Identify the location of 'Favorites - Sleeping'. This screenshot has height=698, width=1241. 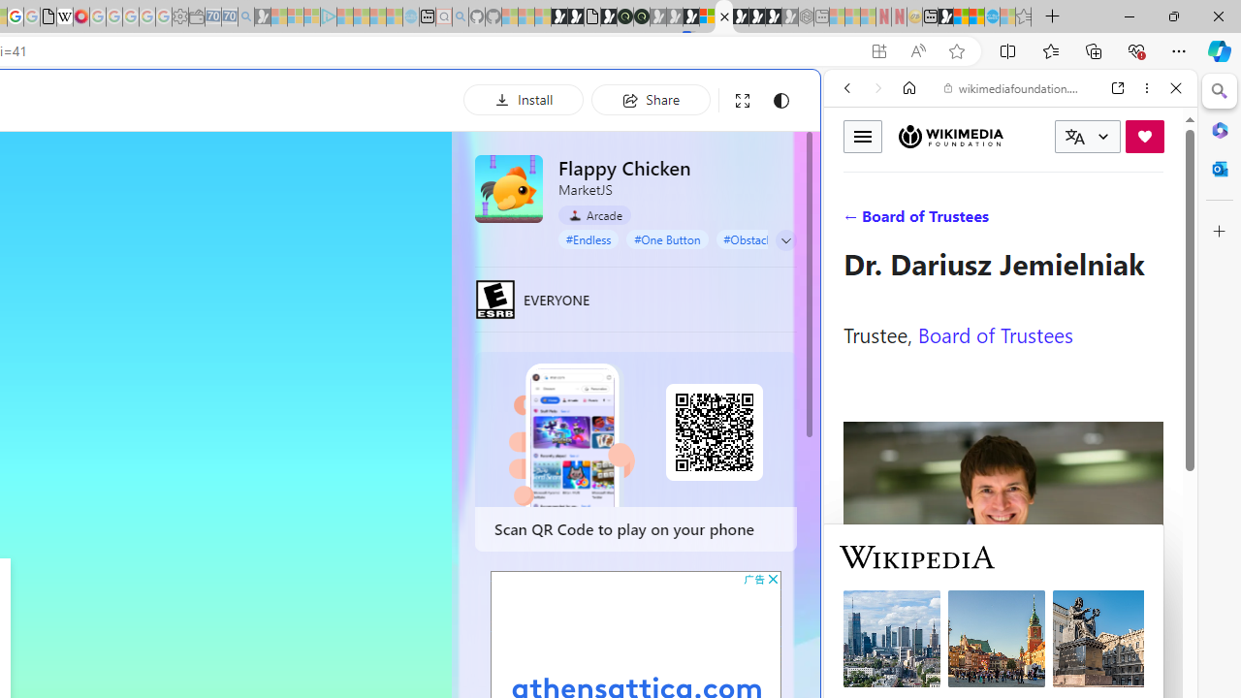
(1023, 16).